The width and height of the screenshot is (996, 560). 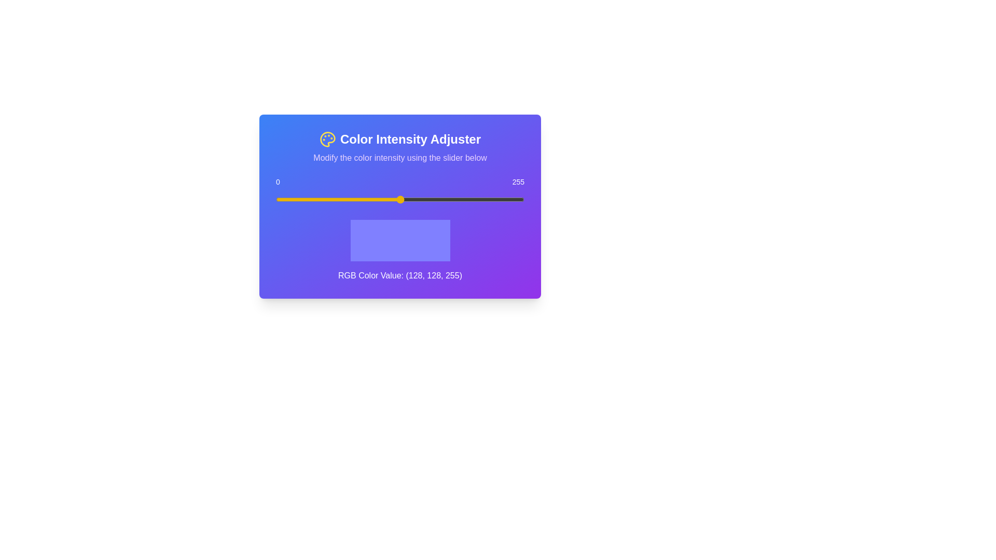 I want to click on the slider to set the color intensity to 227, so click(x=496, y=200).